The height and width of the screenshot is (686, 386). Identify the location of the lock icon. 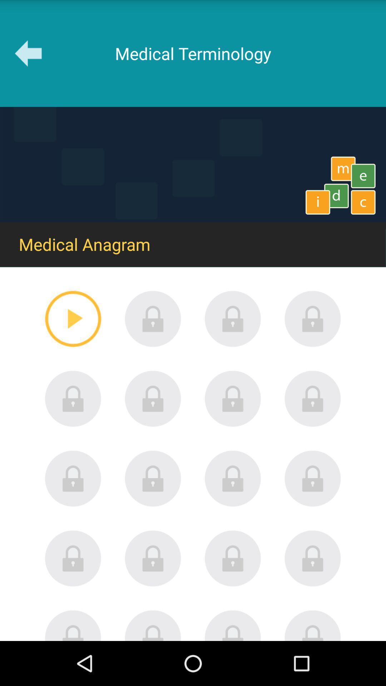
(73, 427).